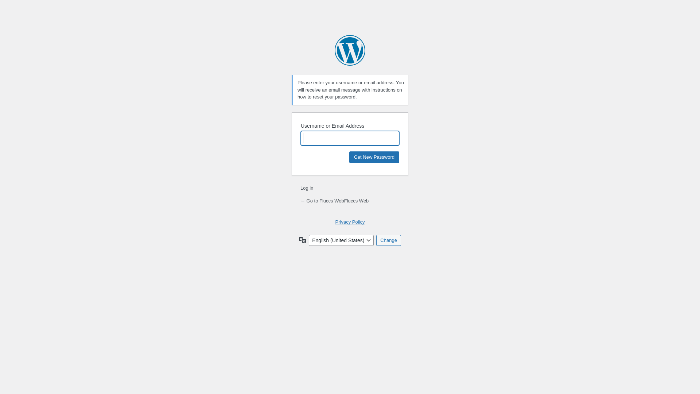 This screenshot has height=394, width=700. What do you see at coordinates (307, 188) in the screenshot?
I see `'Log in'` at bounding box center [307, 188].